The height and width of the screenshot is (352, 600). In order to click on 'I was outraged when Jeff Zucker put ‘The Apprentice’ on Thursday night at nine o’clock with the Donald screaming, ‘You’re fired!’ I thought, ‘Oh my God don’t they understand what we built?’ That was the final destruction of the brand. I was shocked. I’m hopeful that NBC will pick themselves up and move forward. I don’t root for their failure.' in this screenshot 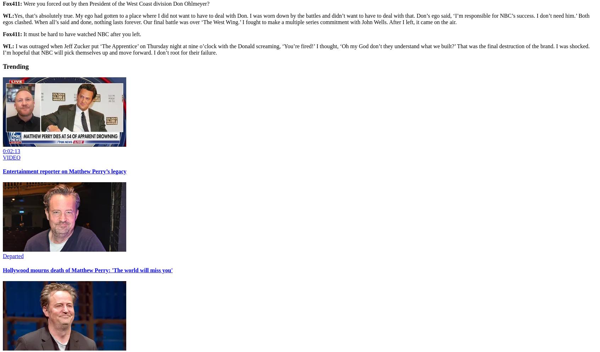, I will do `click(296, 49)`.